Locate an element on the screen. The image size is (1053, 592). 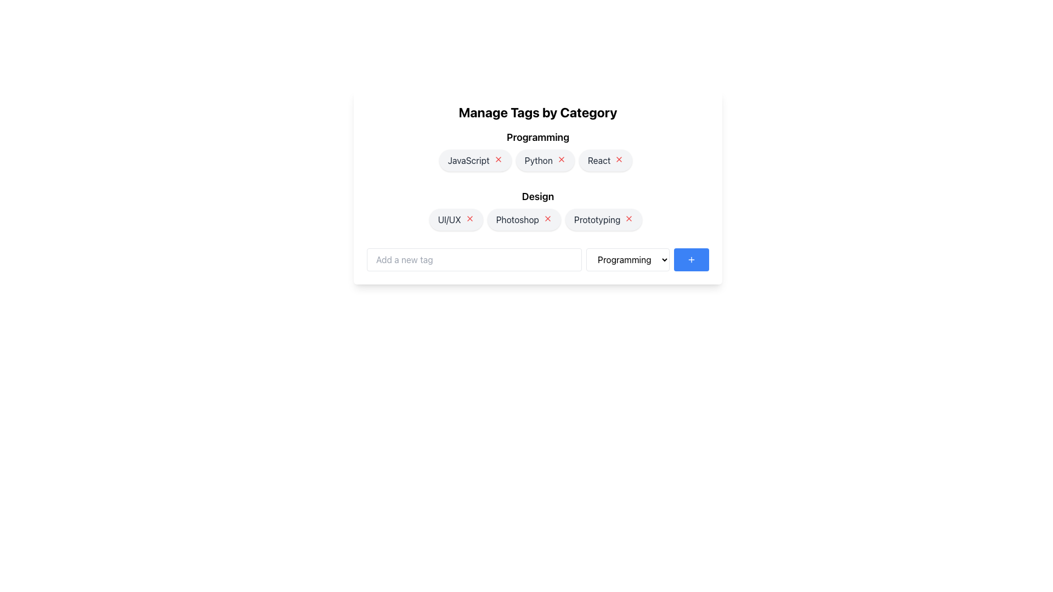
the 'Python' tag element, which is a rounded rectangle with a light gray background and is located in the 'Programming' section as the second tag among three is located at coordinates (545, 161).